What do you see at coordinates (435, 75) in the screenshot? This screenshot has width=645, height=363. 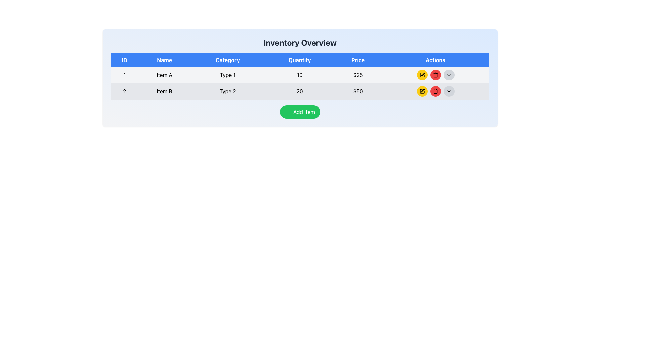 I see `the circular red button with a black trash icon located in the Actions column of the second row of the table` at bounding box center [435, 75].